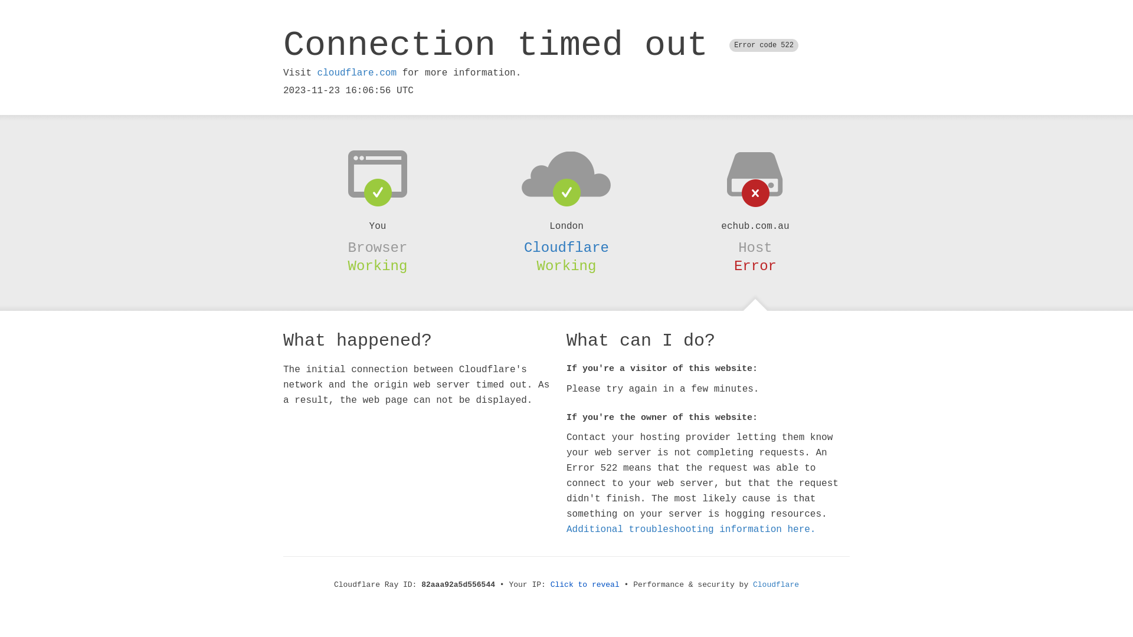 The width and height of the screenshot is (1133, 637). What do you see at coordinates (776, 585) in the screenshot?
I see `'Cloudflare'` at bounding box center [776, 585].